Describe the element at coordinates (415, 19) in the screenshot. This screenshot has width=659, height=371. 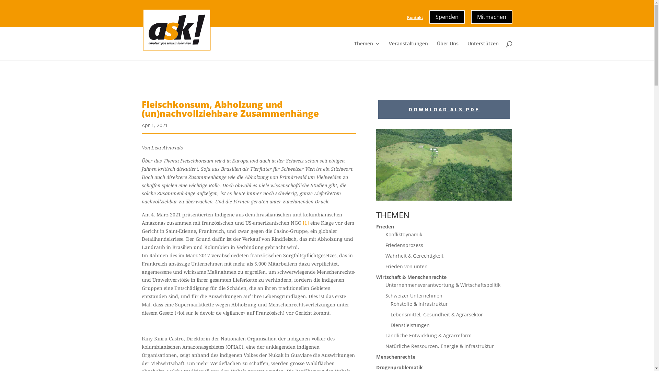
I see `'Kontakt'` at that location.